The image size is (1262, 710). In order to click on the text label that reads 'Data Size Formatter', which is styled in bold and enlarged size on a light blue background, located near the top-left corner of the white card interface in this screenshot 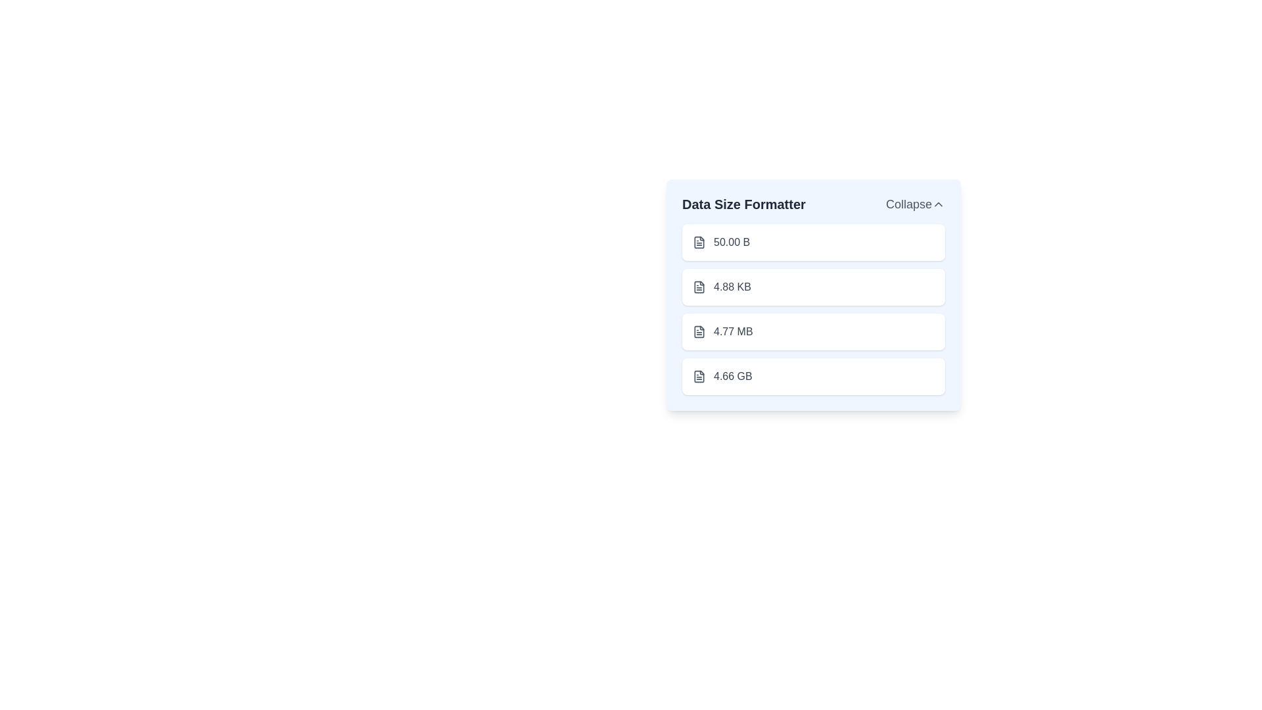, I will do `click(743, 204)`.